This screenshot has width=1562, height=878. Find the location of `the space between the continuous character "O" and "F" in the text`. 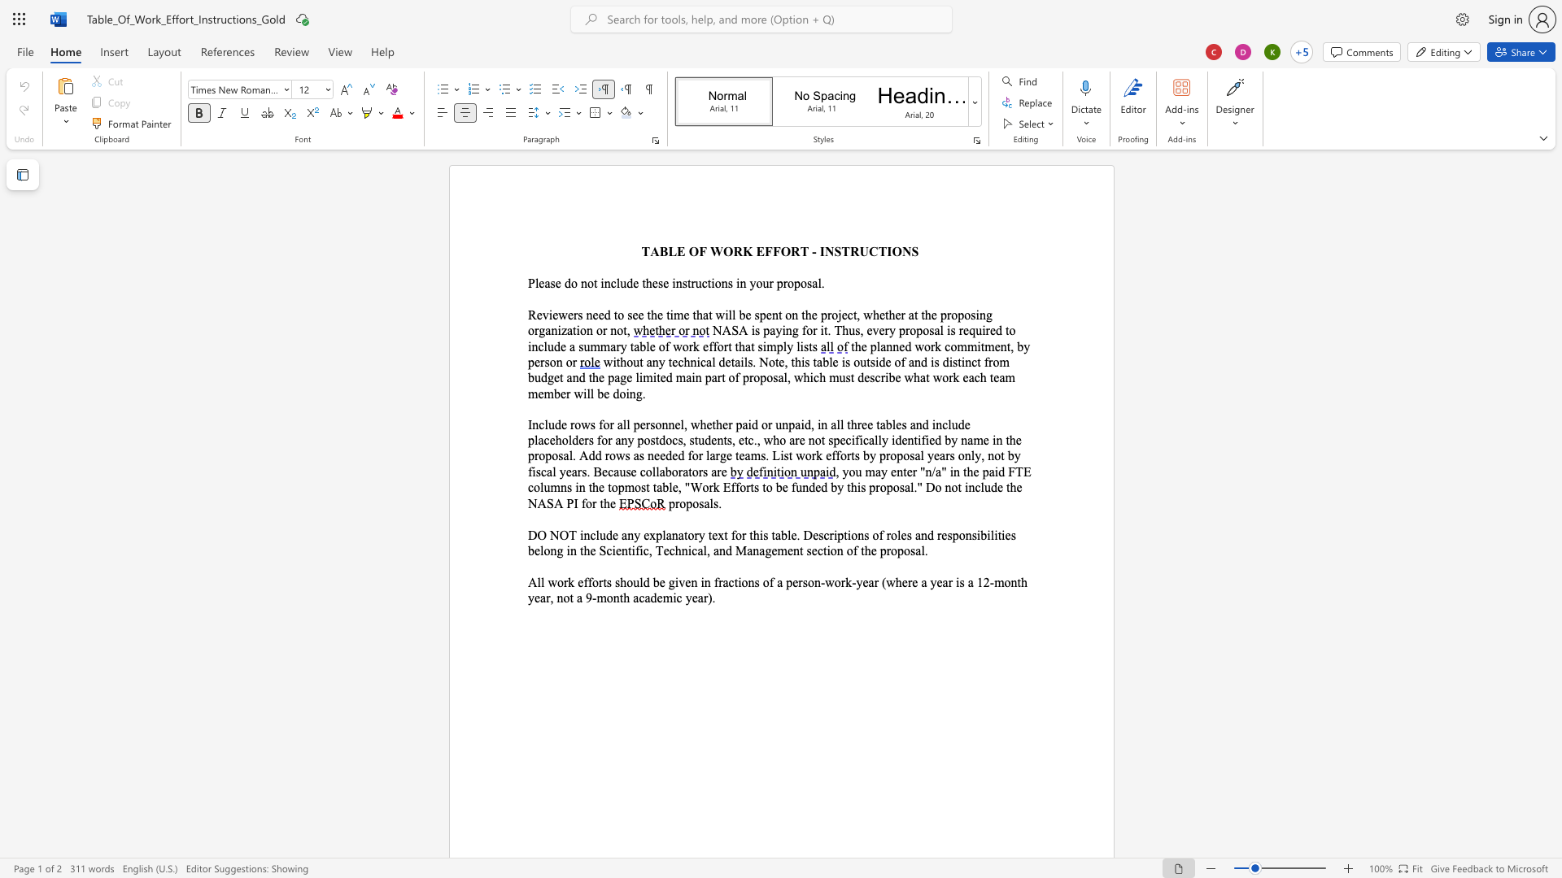

the space between the continuous character "O" and "F" in the text is located at coordinates (698, 251).